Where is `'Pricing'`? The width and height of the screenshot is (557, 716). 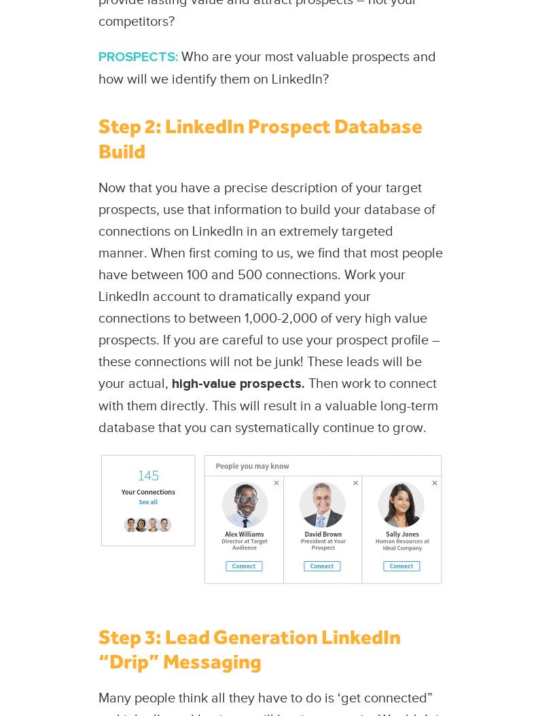
'Pricing' is located at coordinates (219, 112).